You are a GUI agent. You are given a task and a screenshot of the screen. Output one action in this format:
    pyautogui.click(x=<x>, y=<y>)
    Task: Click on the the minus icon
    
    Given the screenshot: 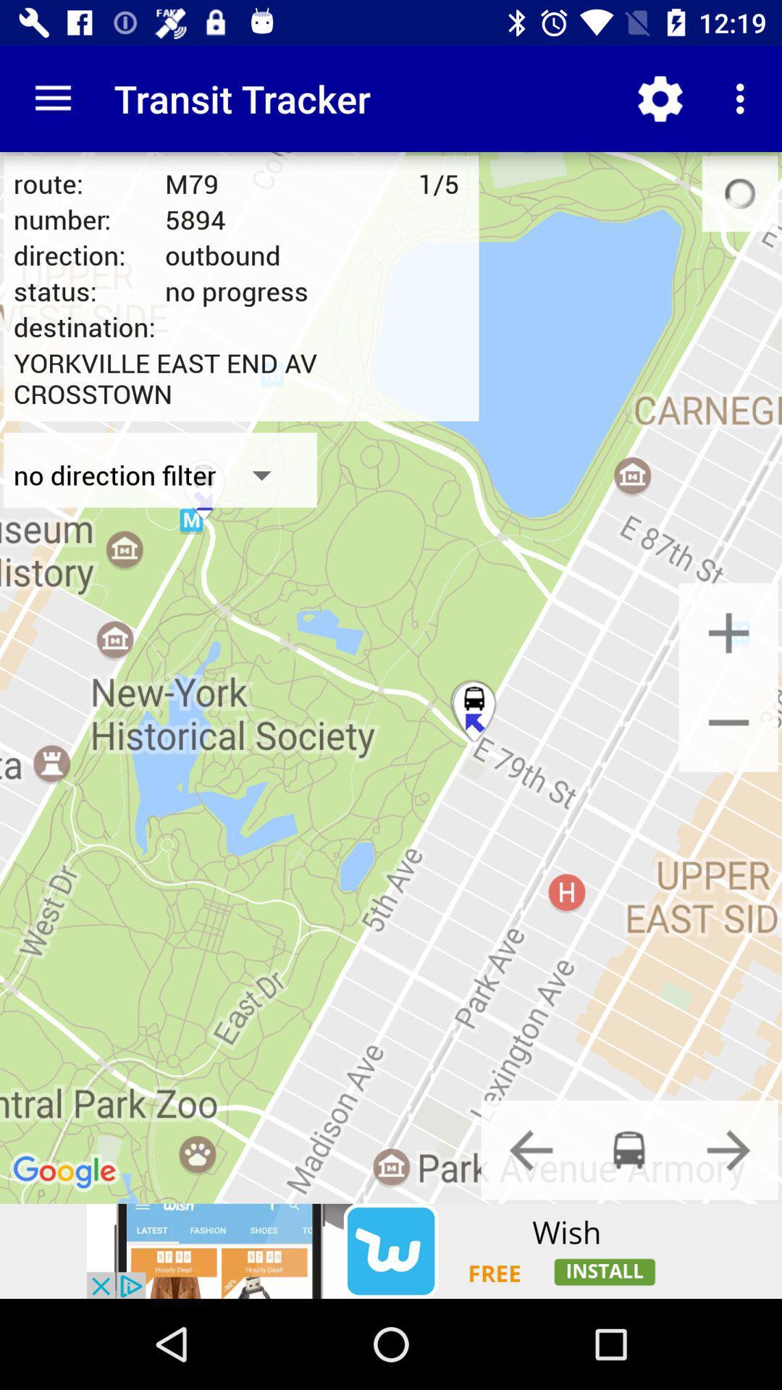 What is the action you would take?
    pyautogui.click(x=728, y=722)
    